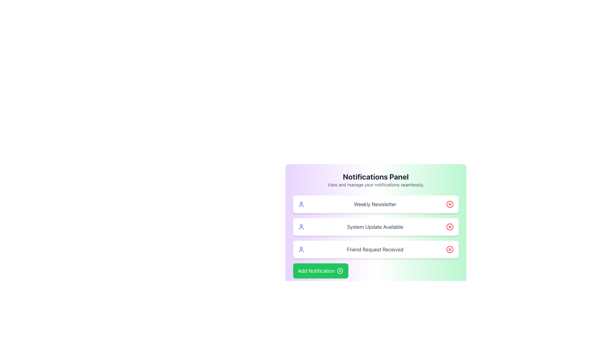 The height and width of the screenshot is (339, 602). Describe the element at coordinates (375, 227) in the screenshot. I see `the Static Text element displaying 'System Update Available', which is located within a notification card between 'Weekly Newsletter' and 'Friend Request Received'` at that location.